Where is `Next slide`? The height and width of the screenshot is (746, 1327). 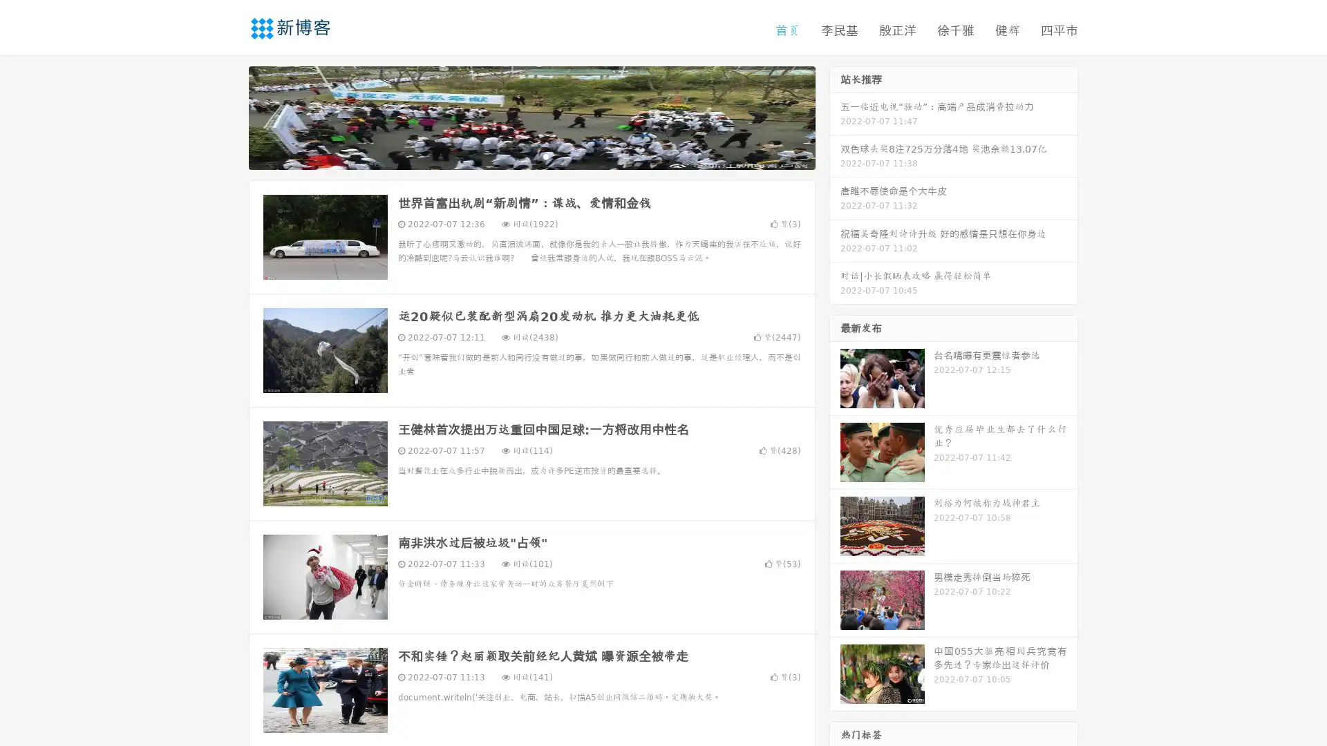
Next slide is located at coordinates (835, 116).